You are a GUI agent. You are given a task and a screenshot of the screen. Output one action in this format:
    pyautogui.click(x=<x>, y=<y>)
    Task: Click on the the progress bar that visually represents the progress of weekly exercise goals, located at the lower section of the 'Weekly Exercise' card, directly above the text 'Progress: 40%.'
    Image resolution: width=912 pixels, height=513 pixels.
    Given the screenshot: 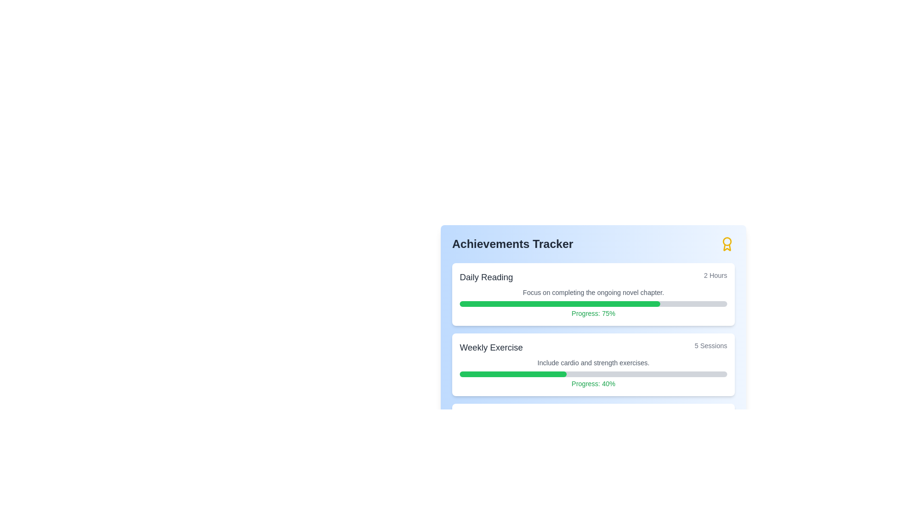 What is the action you would take?
    pyautogui.click(x=593, y=373)
    